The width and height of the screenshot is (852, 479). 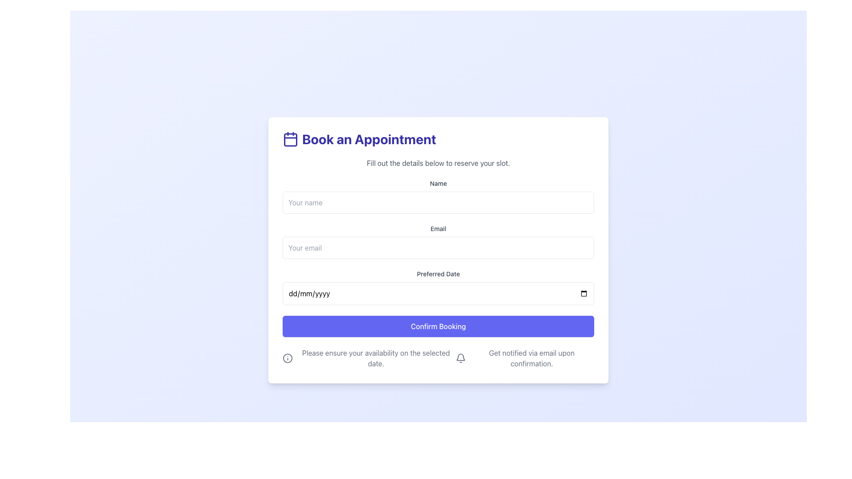 What do you see at coordinates (438, 326) in the screenshot?
I see `the submit button positioned below the 'Preferred Date' input field to confirm the booking details entered by the user` at bounding box center [438, 326].